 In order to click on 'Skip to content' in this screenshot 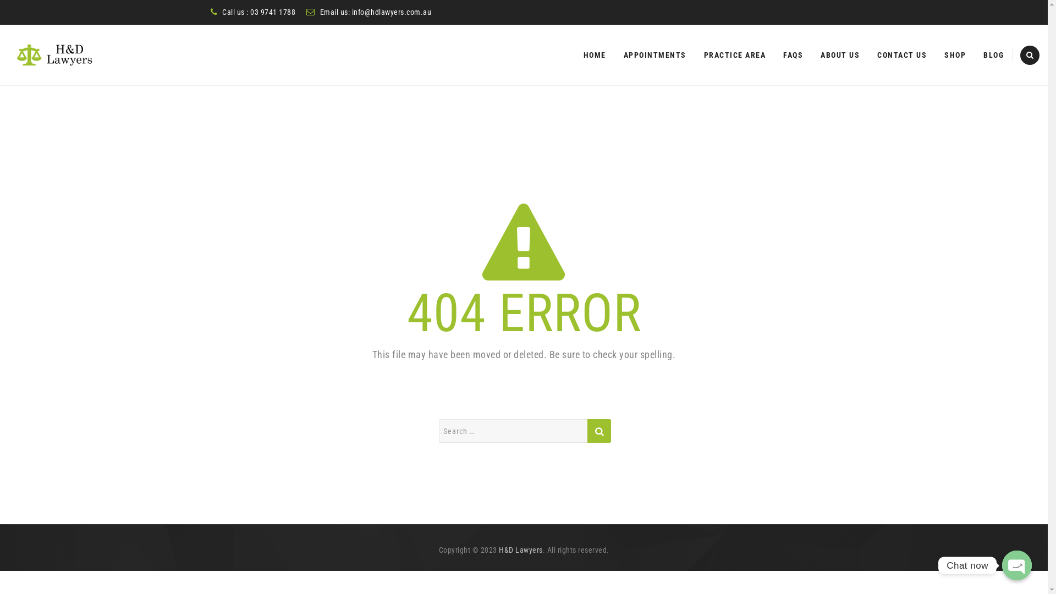, I will do `click(574, 24)`.